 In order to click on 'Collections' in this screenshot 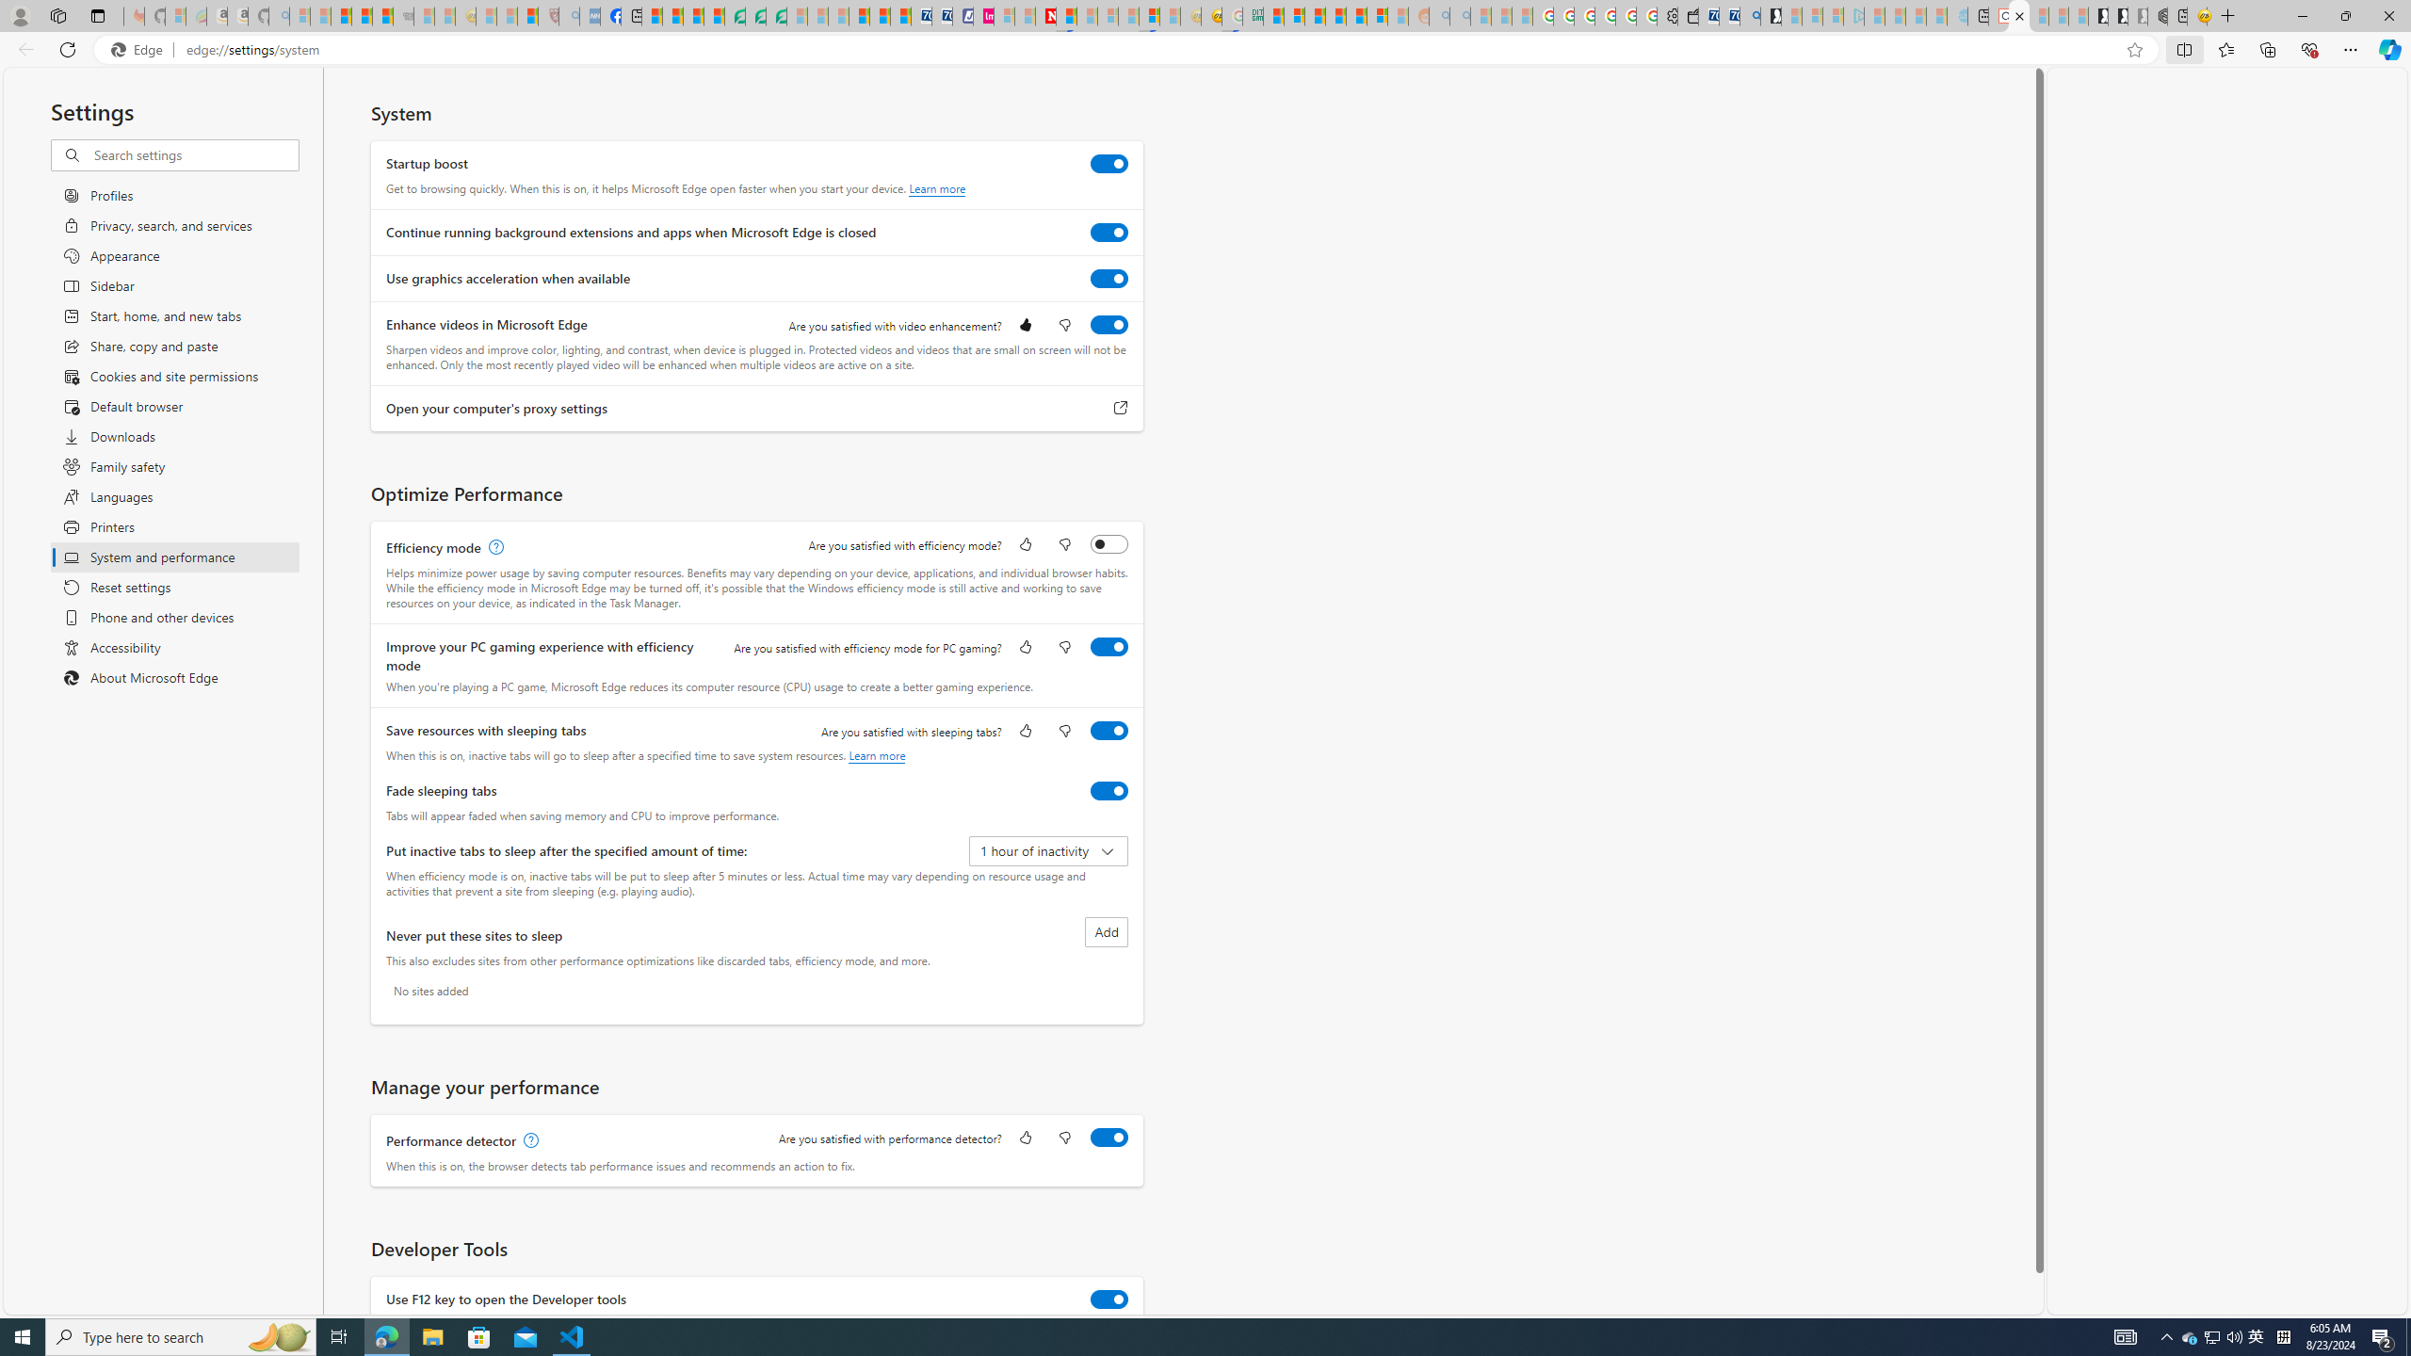, I will do `click(2266, 48)`.